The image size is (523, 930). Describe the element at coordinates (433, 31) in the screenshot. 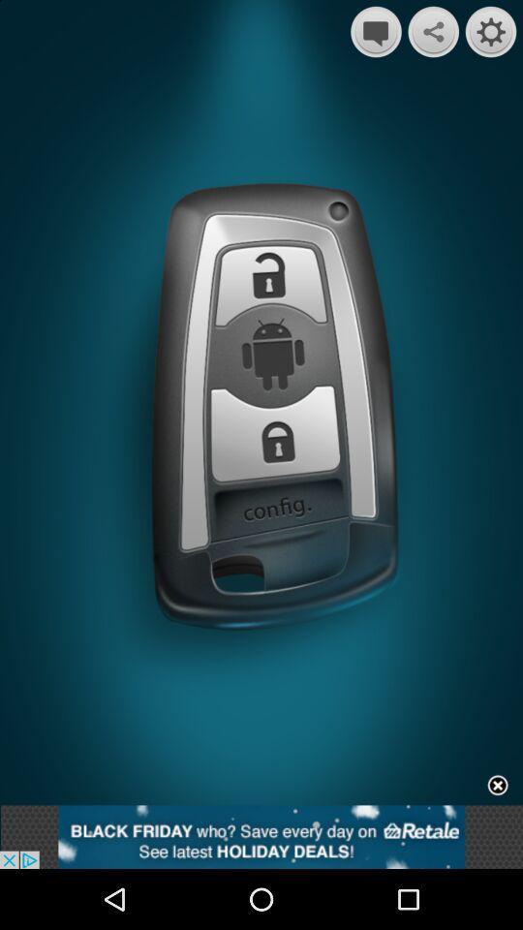

I see `share` at that location.